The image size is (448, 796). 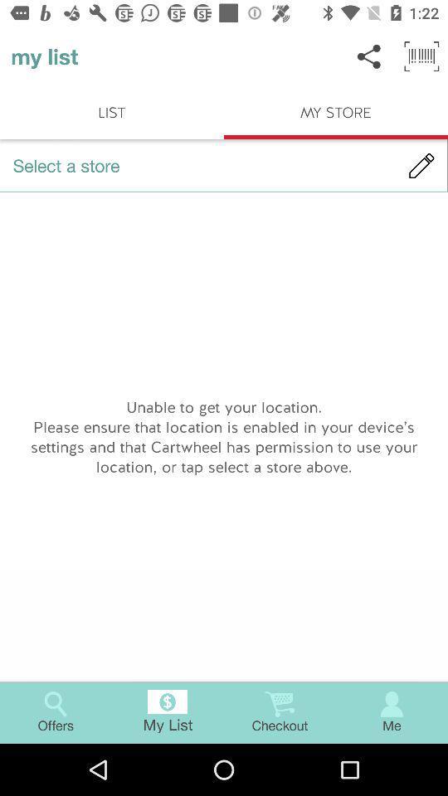 I want to click on the icon above the my store, so click(x=369, y=56).